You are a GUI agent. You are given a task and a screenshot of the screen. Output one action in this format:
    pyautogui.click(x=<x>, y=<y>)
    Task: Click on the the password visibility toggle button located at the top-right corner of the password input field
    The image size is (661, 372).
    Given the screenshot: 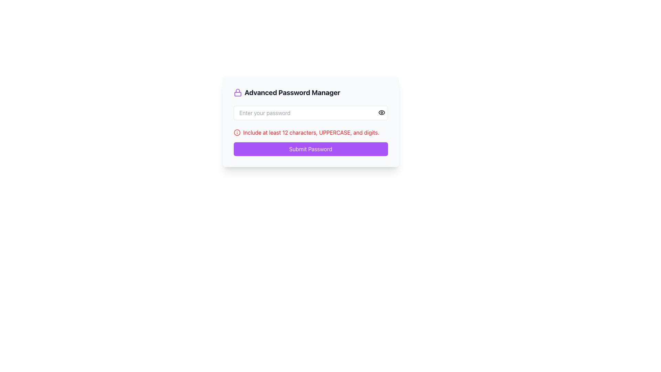 What is the action you would take?
    pyautogui.click(x=381, y=112)
    